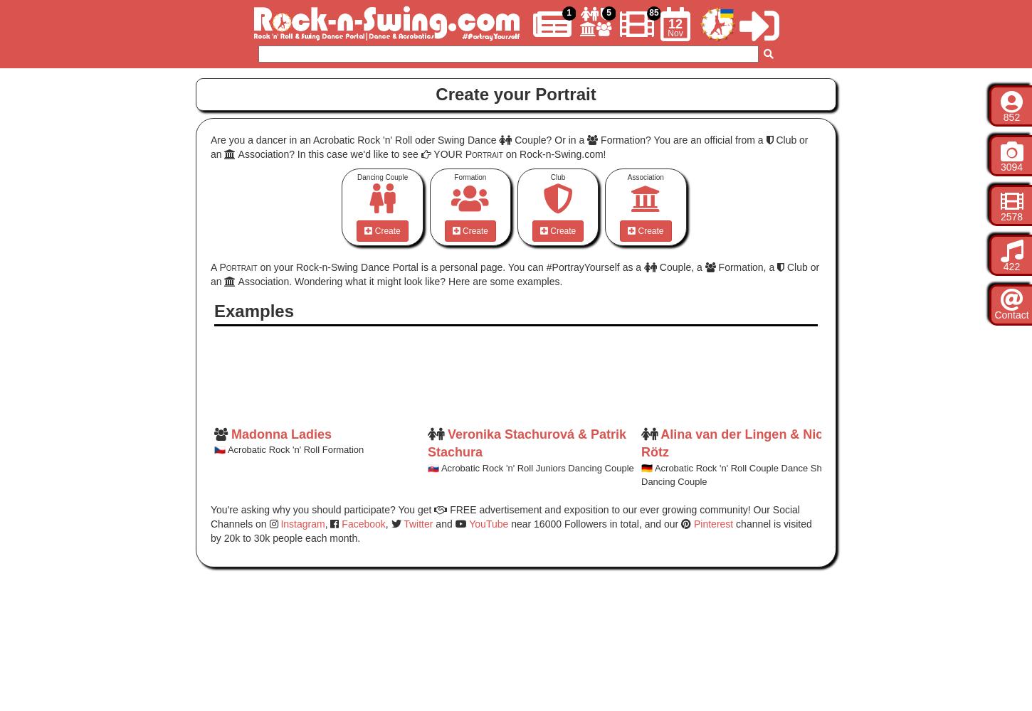 This screenshot has width=1032, height=711. What do you see at coordinates (253, 311) in the screenshot?
I see `'Examples'` at bounding box center [253, 311].